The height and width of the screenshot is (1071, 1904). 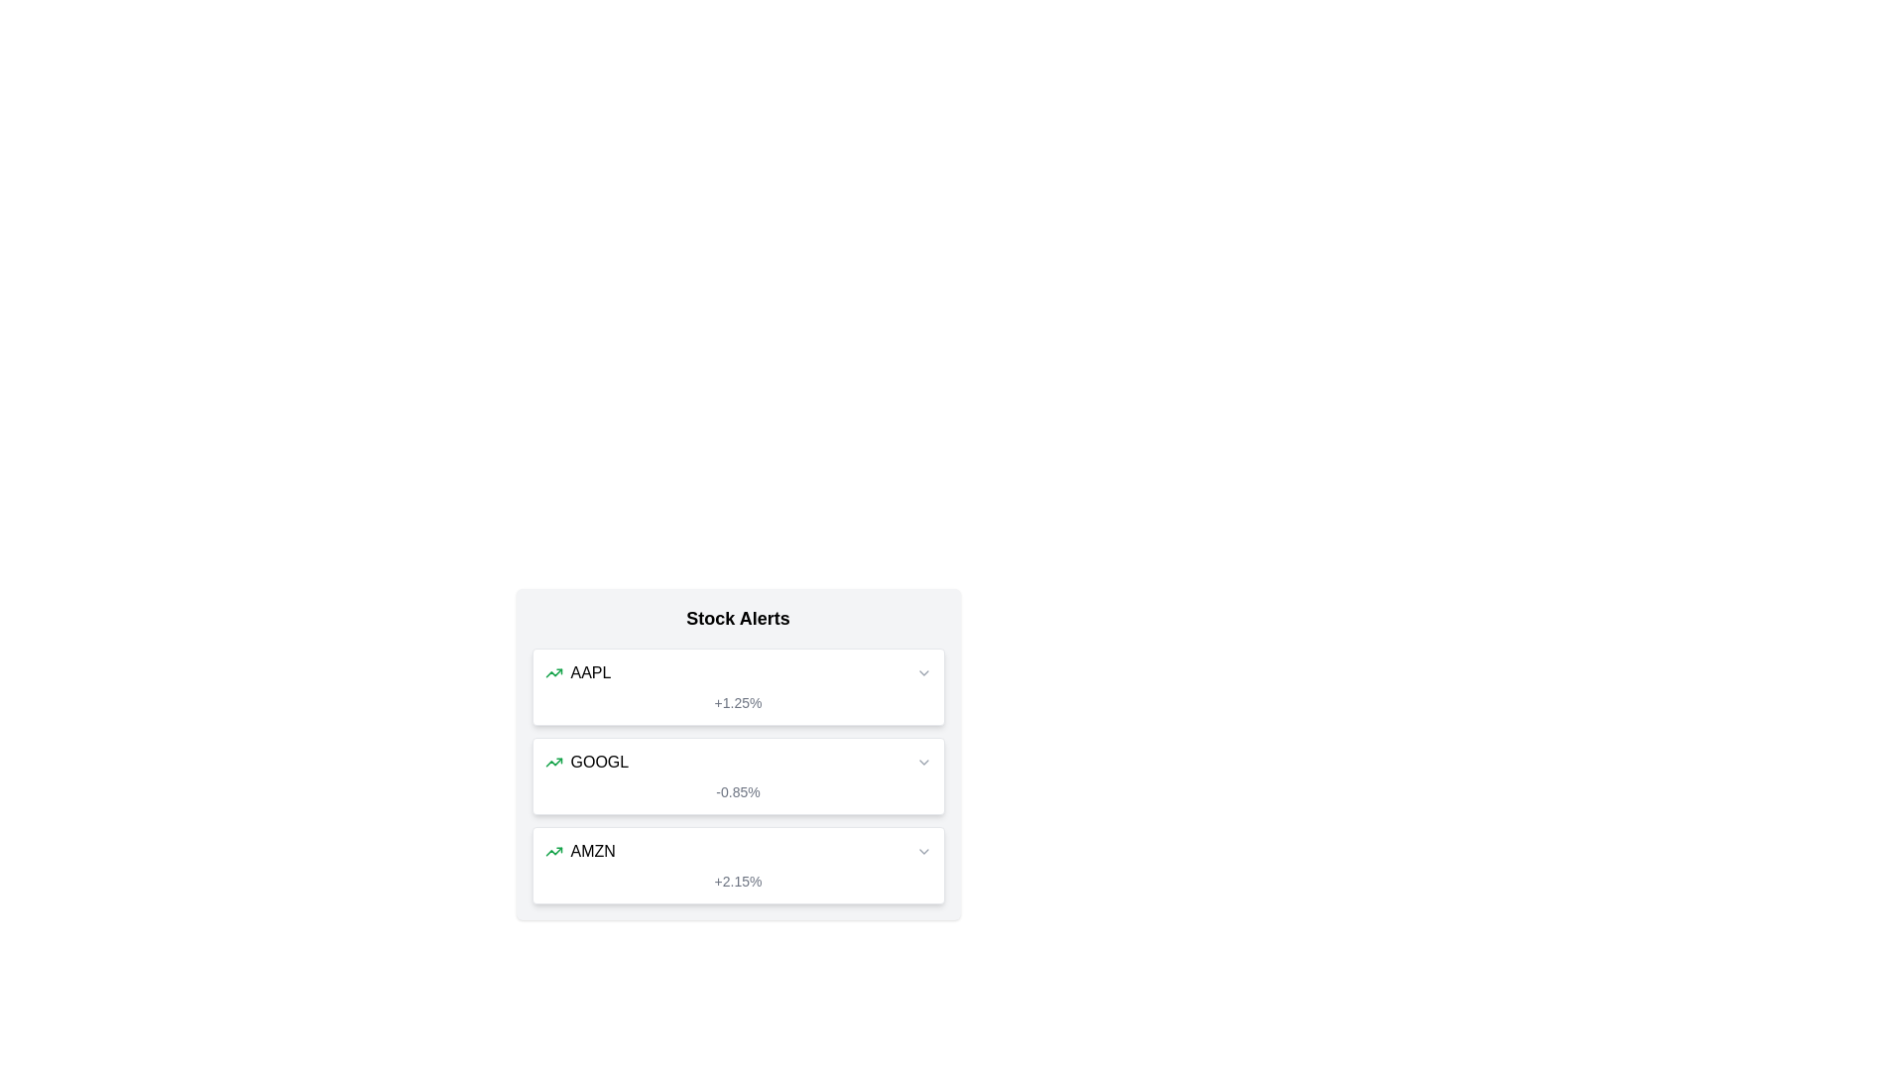 I want to click on the text label displaying '+2.15%' located at the bottom of the 'AMZN' card in the 'Stock Alerts' interface, so click(x=737, y=880).